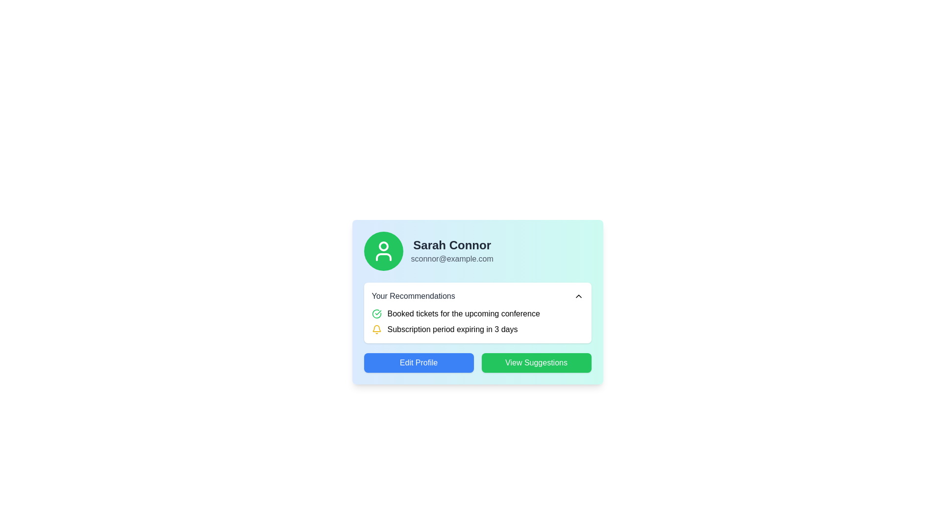 This screenshot has width=941, height=529. What do you see at coordinates (376, 329) in the screenshot?
I see `the yellow bell icon that indicates 'Subscription period expiring in 3 days'` at bounding box center [376, 329].